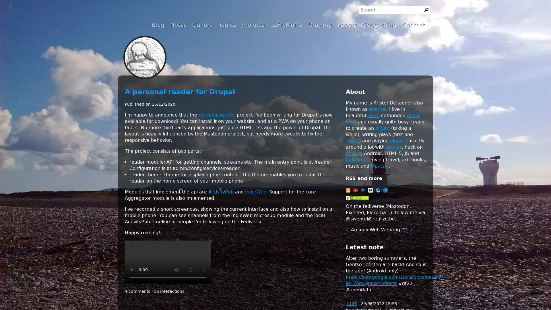 The height and width of the screenshot is (310, 551). Describe the element at coordinates (176, 269) in the screenshot. I see `mute` at that location.